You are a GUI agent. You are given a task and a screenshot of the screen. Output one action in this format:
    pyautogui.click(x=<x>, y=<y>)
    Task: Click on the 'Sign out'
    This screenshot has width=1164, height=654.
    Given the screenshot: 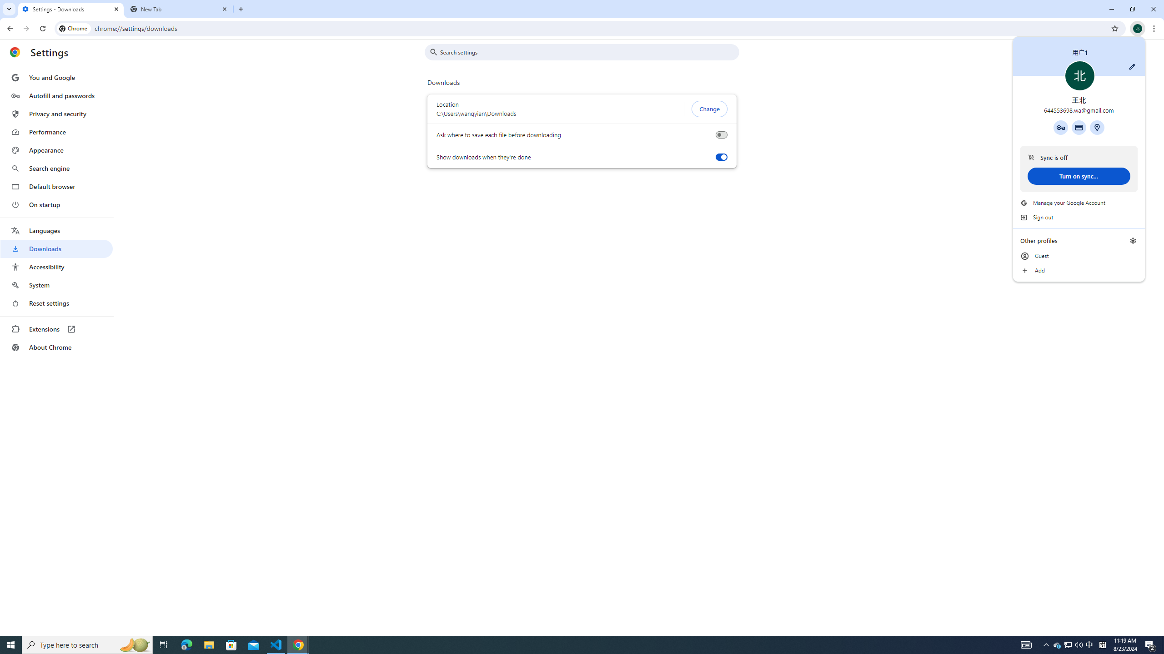 What is the action you would take?
    pyautogui.click(x=1079, y=217)
    